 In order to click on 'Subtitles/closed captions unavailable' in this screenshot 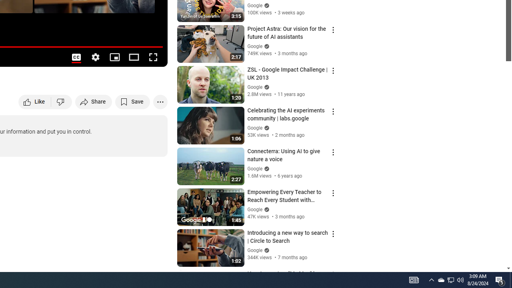, I will do `click(76, 56)`.